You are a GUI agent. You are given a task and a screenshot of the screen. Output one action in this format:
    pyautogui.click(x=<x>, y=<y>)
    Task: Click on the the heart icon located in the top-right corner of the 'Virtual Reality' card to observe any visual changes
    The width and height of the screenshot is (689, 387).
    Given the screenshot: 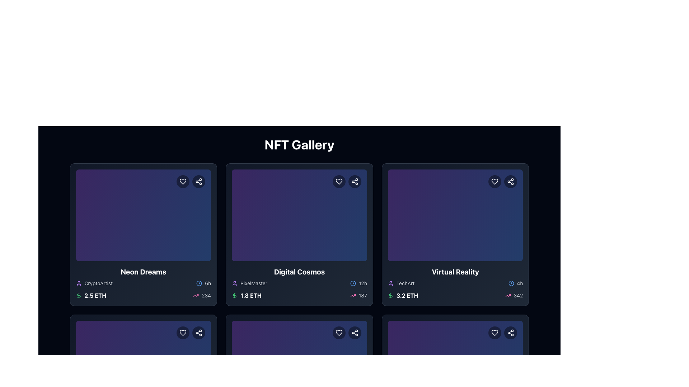 What is the action you would take?
    pyautogui.click(x=495, y=181)
    